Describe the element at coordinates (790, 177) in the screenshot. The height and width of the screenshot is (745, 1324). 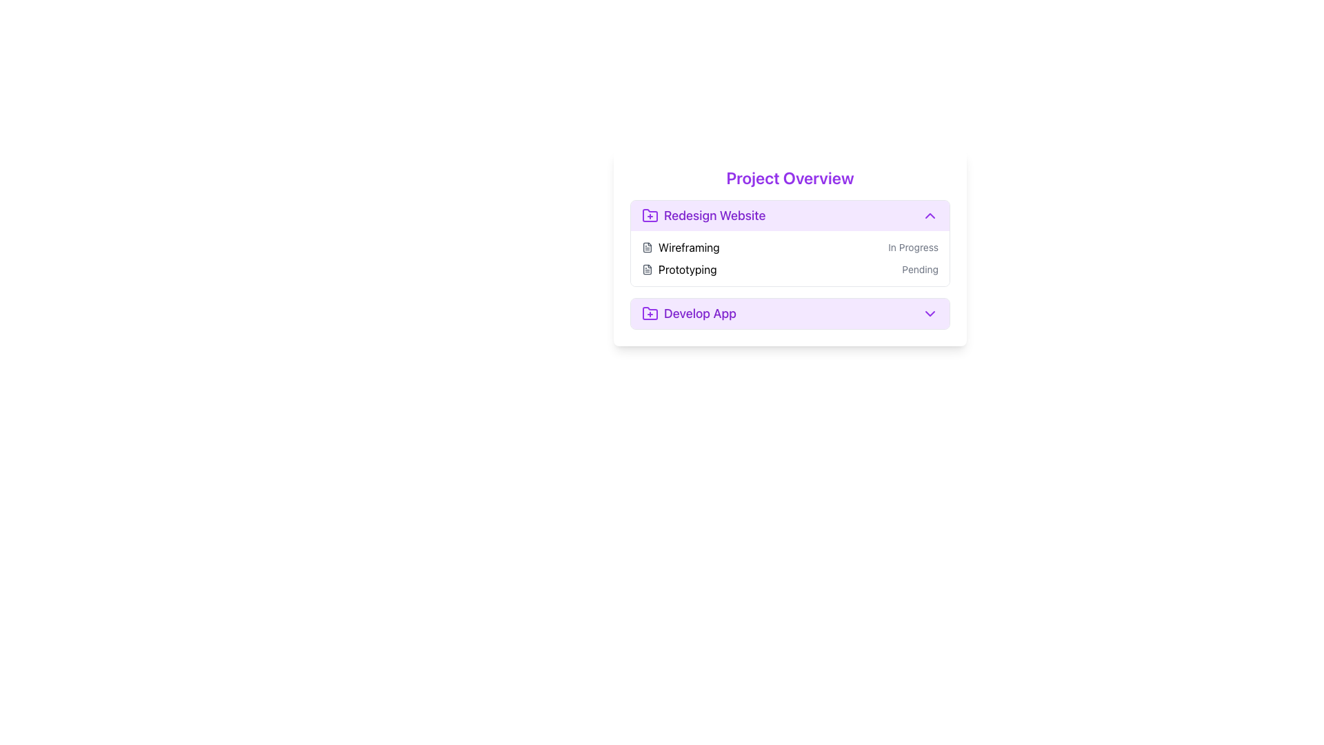
I see `the bold purple text label reading 'Project Overview' at the top of the card layout` at that location.